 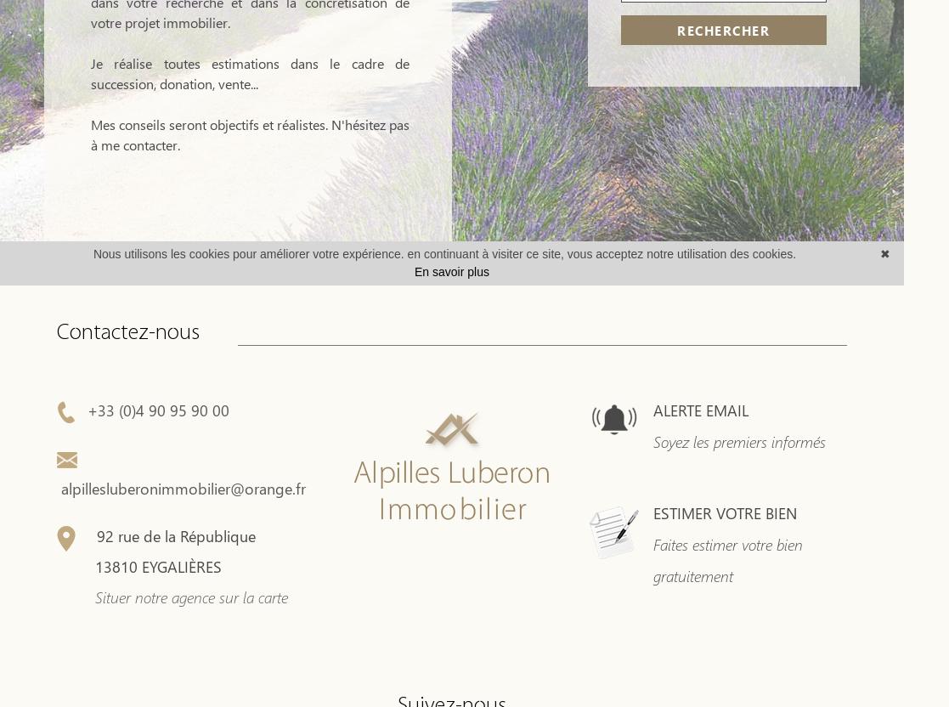 What do you see at coordinates (653, 442) in the screenshot?
I see `'Soyez les premiers informés'` at bounding box center [653, 442].